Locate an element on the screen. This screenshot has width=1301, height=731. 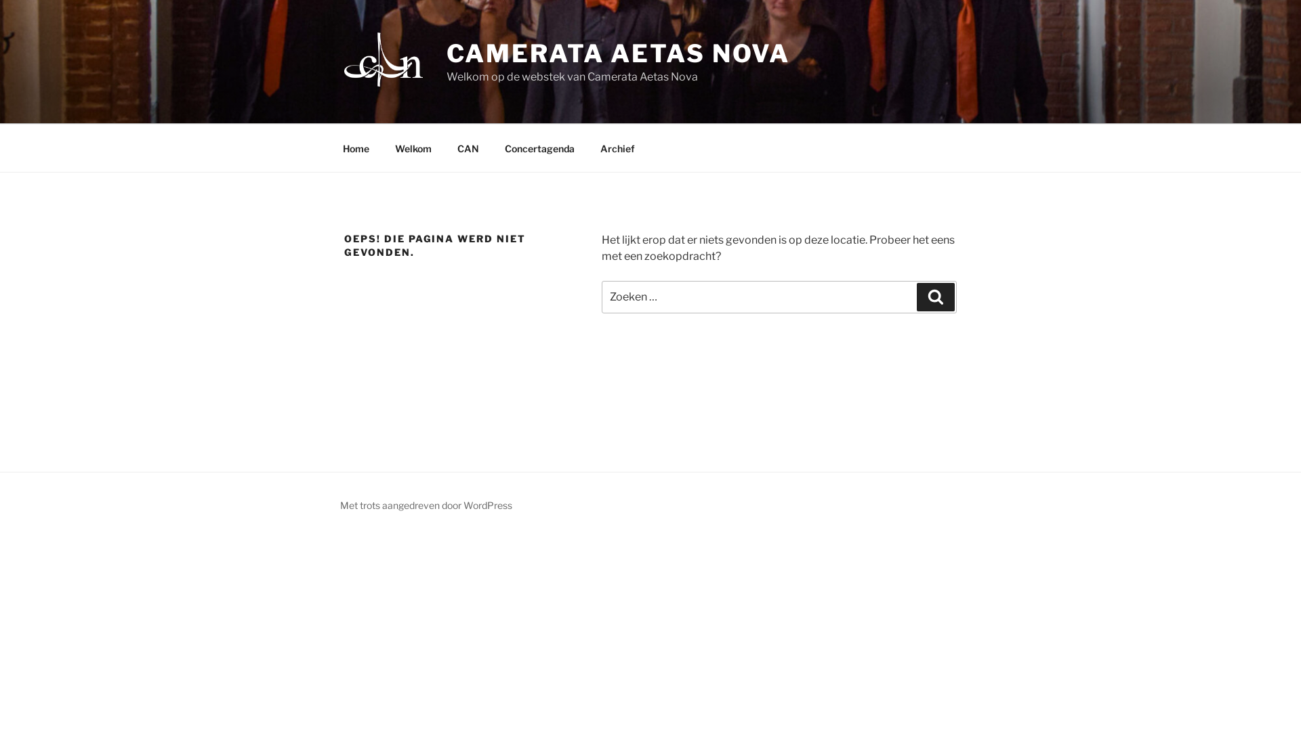
'Zoeken' is located at coordinates (935, 296).